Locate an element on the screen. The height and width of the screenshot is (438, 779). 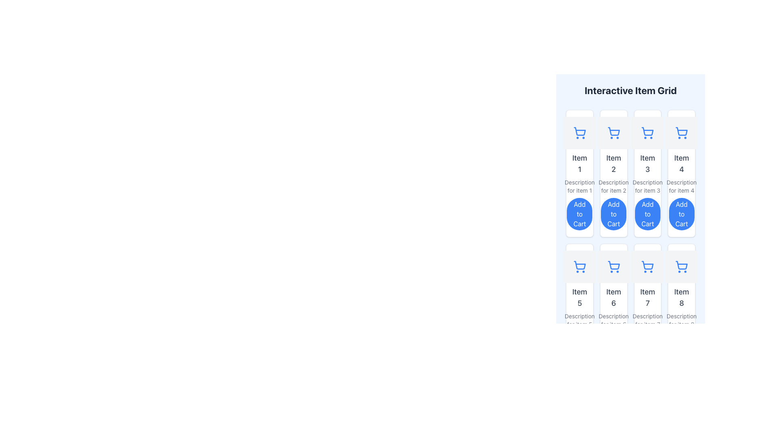
the 'Add to Cart' button for Item 2, located in the second column of the first row of the item grid is located at coordinates (613, 214).